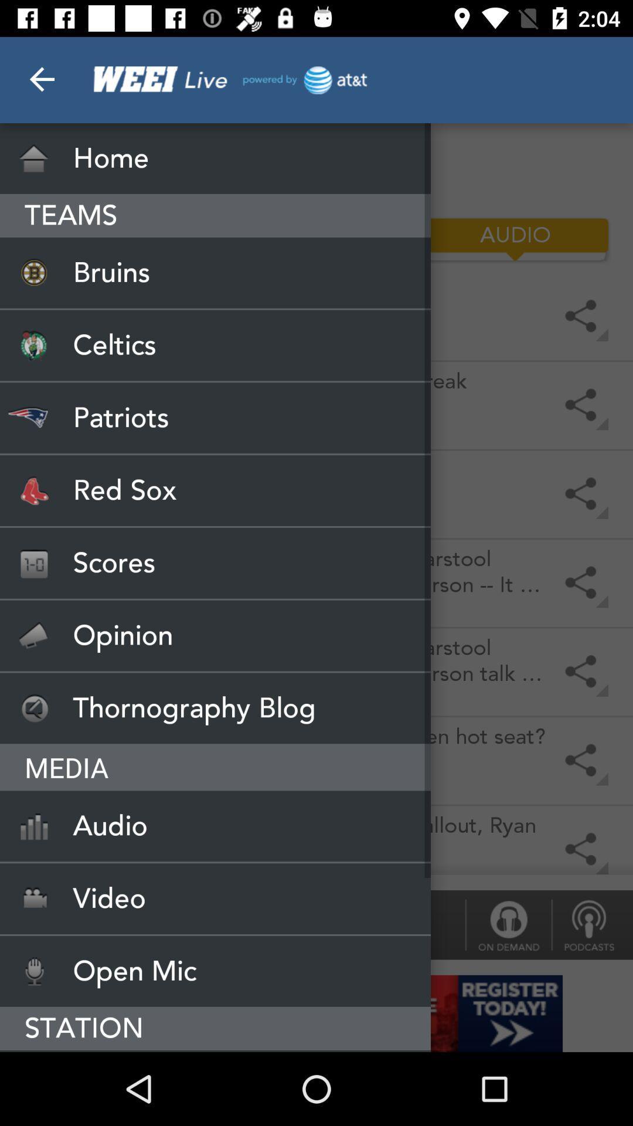 The image size is (633, 1126). What do you see at coordinates (316, 1013) in the screenshot?
I see `open add` at bounding box center [316, 1013].